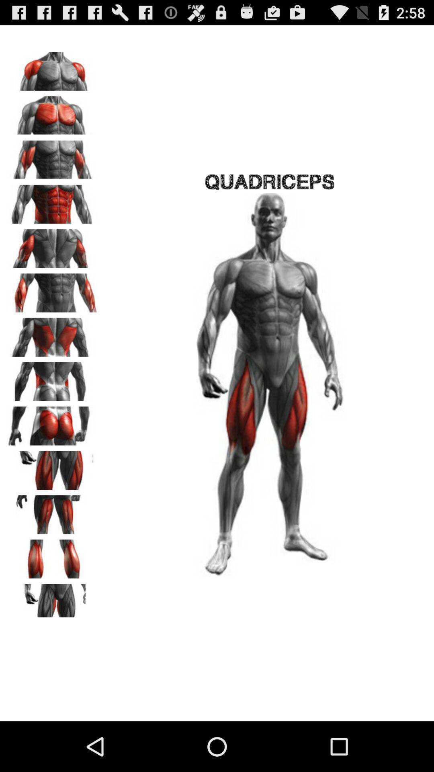 This screenshot has width=434, height=772. I want to click on switch to select, so click(53, 157).